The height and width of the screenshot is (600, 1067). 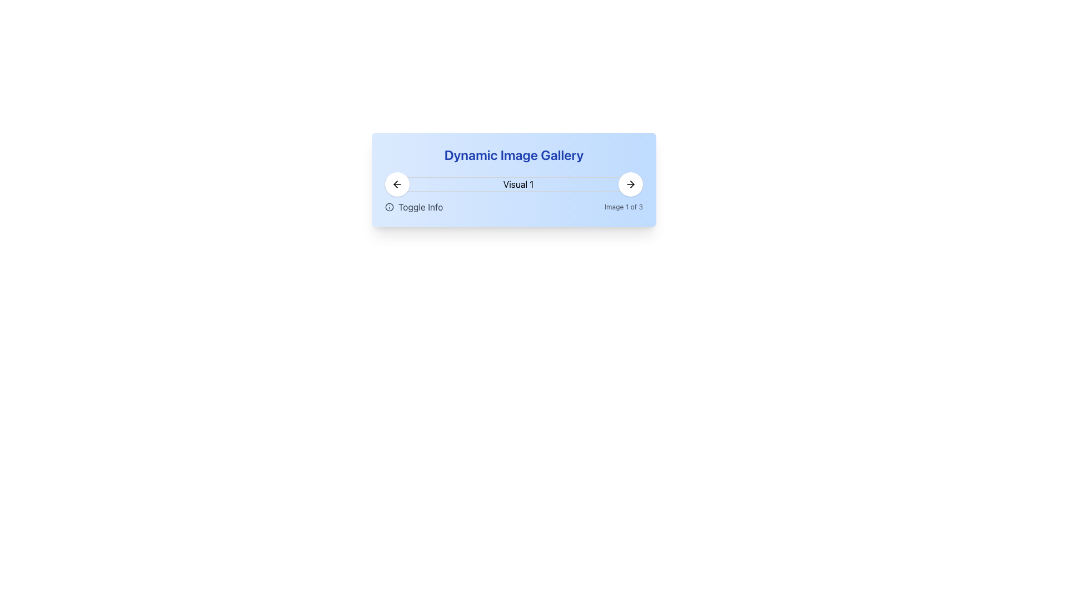 What do you see at coordinates (389, 207) in the screenshot?
I see `the circular information icon with an 'i' symbol, located to the left of the 'Toggle Info' text group` at bounding box center [389, 207].